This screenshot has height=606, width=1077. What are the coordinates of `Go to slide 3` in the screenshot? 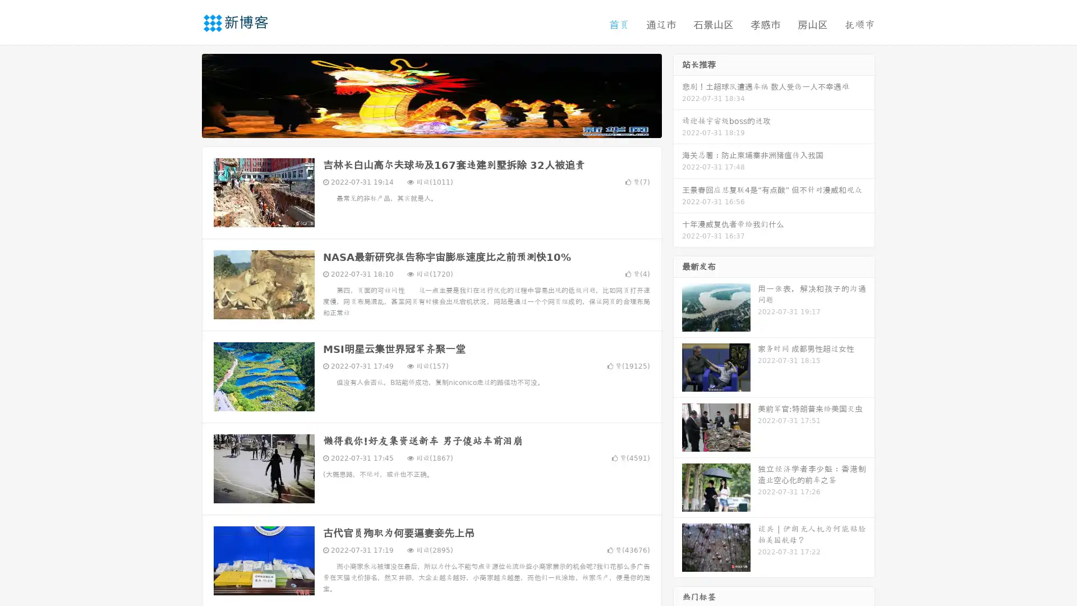 It's located at (443, 126).